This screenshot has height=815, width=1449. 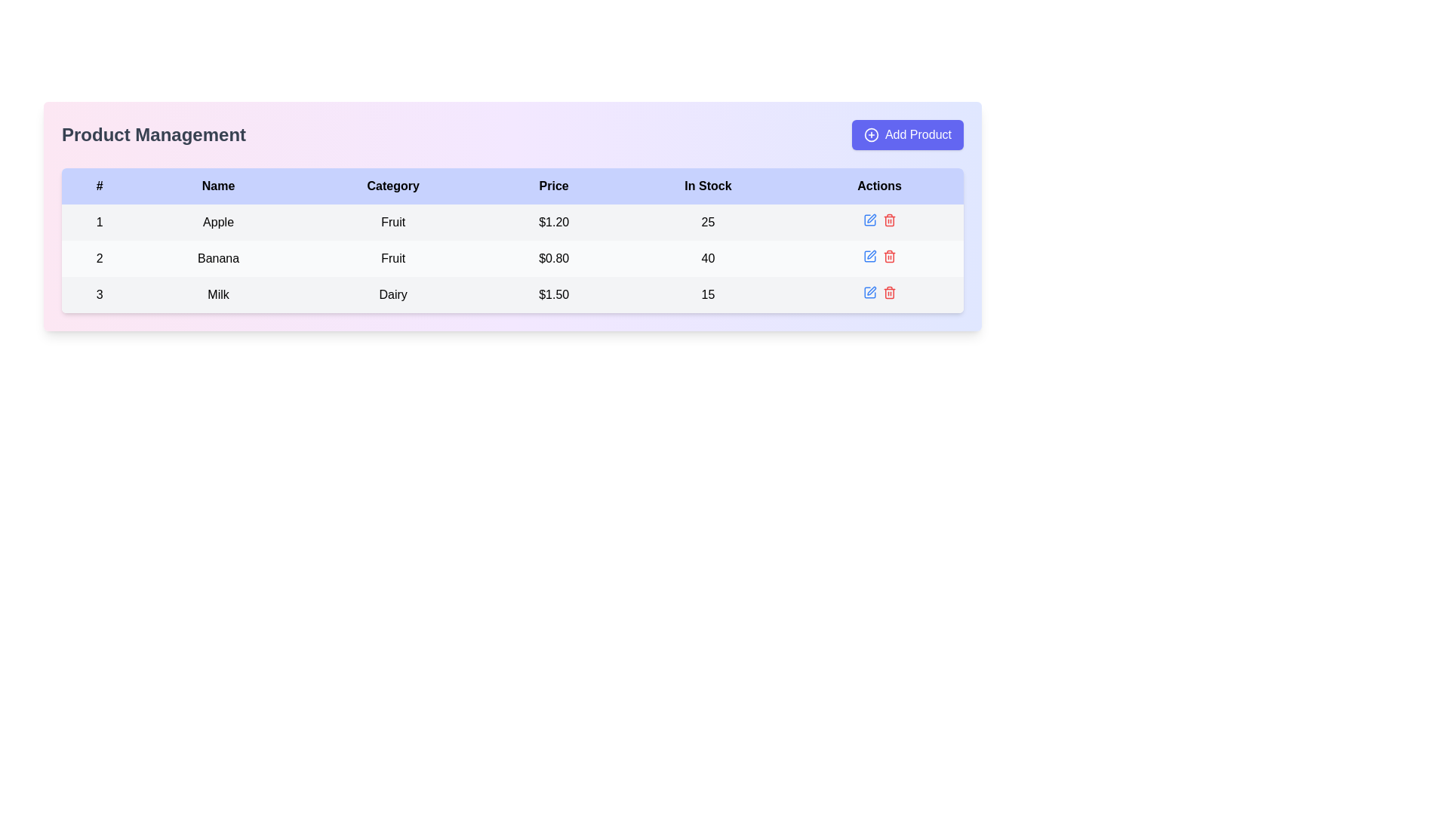 I want to click on the red trash bin icon in the Actions column of the second row, so click(x=889, y=257).